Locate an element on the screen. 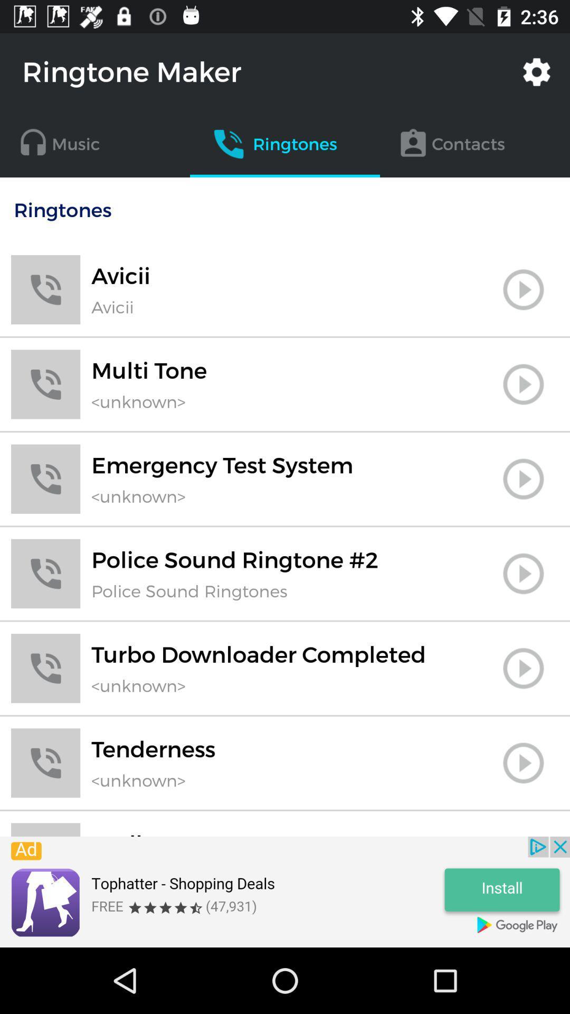 This screenshot has width=570, height=1014. advertisement is located at coordinates (285, 891).